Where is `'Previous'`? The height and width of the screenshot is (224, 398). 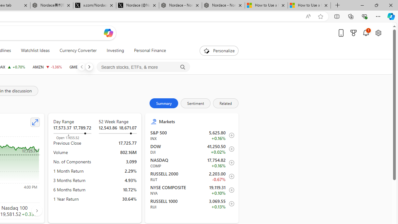 'Previous' is located at coordinates (81, 67).